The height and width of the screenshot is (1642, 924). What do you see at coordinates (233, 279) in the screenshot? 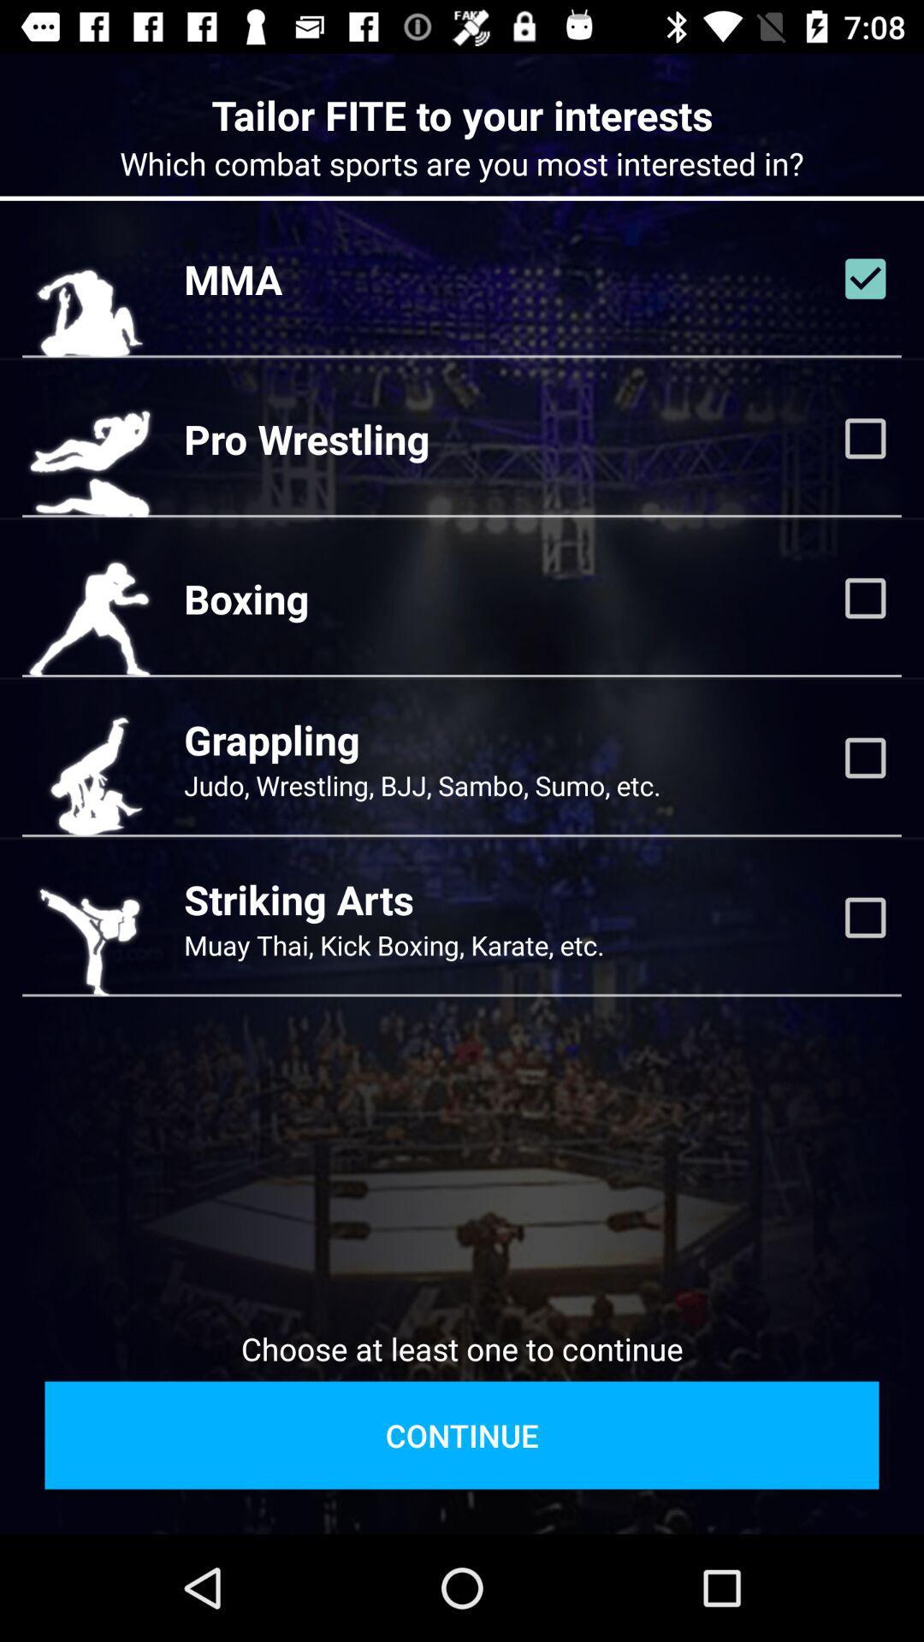
I see `mma item` at bounding box center [233, 279].